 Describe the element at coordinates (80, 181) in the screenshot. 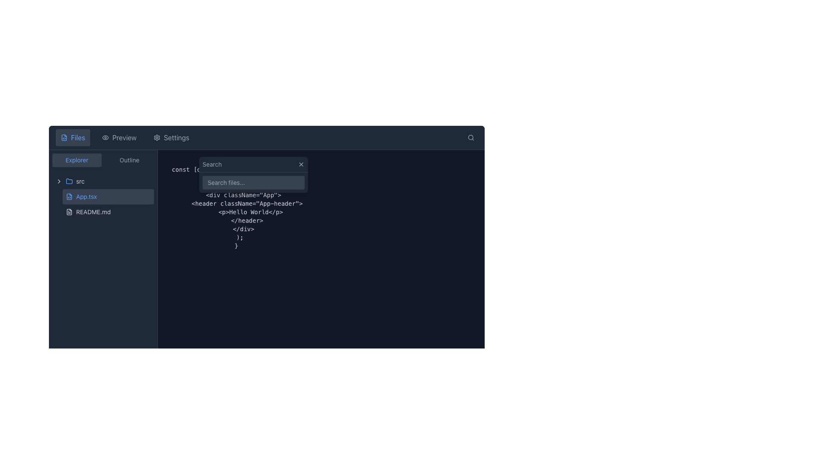

I see `the 'src' text label in the Explorer menu` at that location.